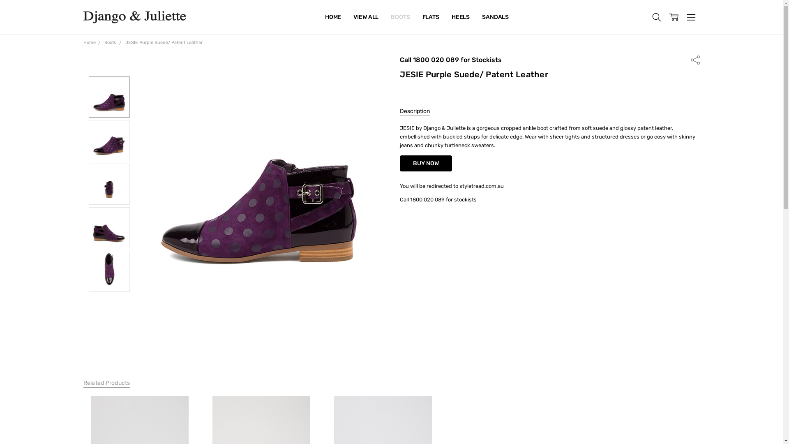  What do you see at coordinates (134, 17) in the screenshot?
I see `'Django and Juliette'` at bounding box center [134, 17].